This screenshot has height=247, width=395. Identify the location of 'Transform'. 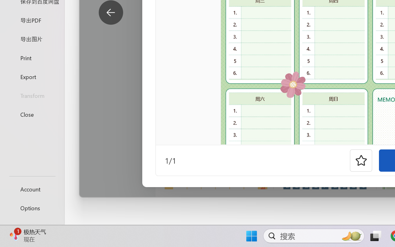
(32, 95).